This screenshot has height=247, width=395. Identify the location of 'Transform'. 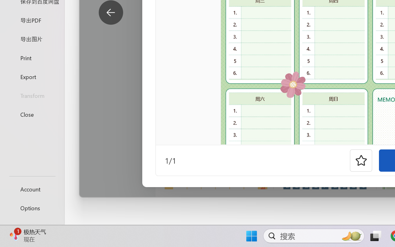
(32, 95).